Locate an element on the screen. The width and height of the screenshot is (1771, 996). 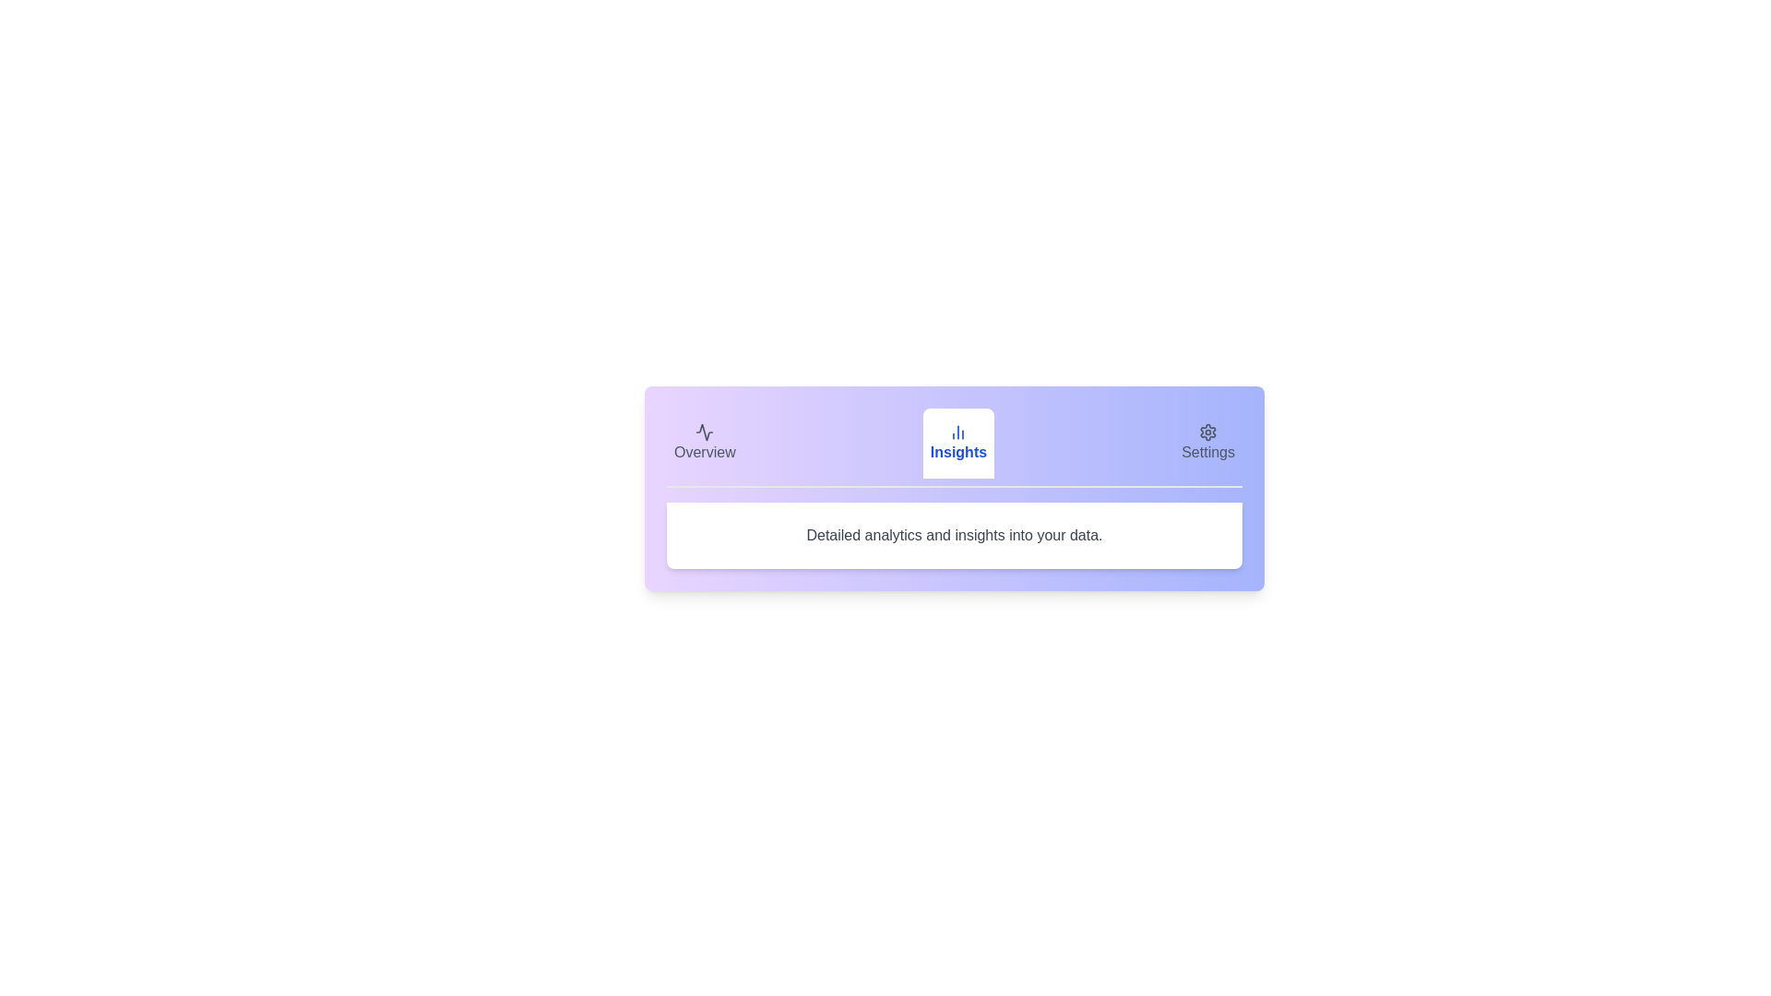
the Overview tab to view its content is located at coordinates (704, 444).